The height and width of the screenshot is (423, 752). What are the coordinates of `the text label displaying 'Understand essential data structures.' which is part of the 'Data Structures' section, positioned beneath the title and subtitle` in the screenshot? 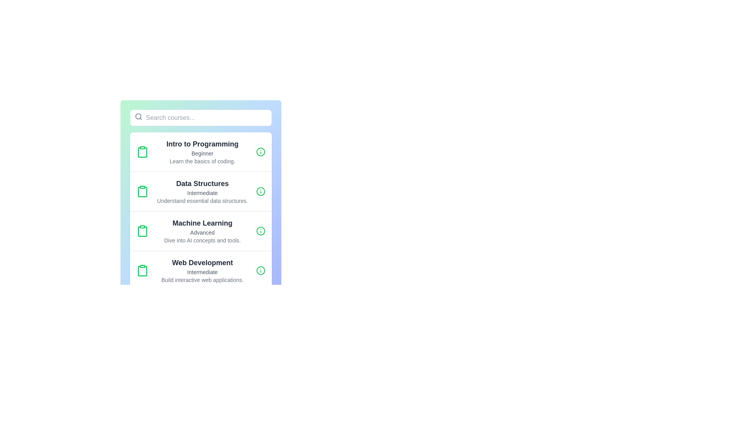 It's located at (202, 201).